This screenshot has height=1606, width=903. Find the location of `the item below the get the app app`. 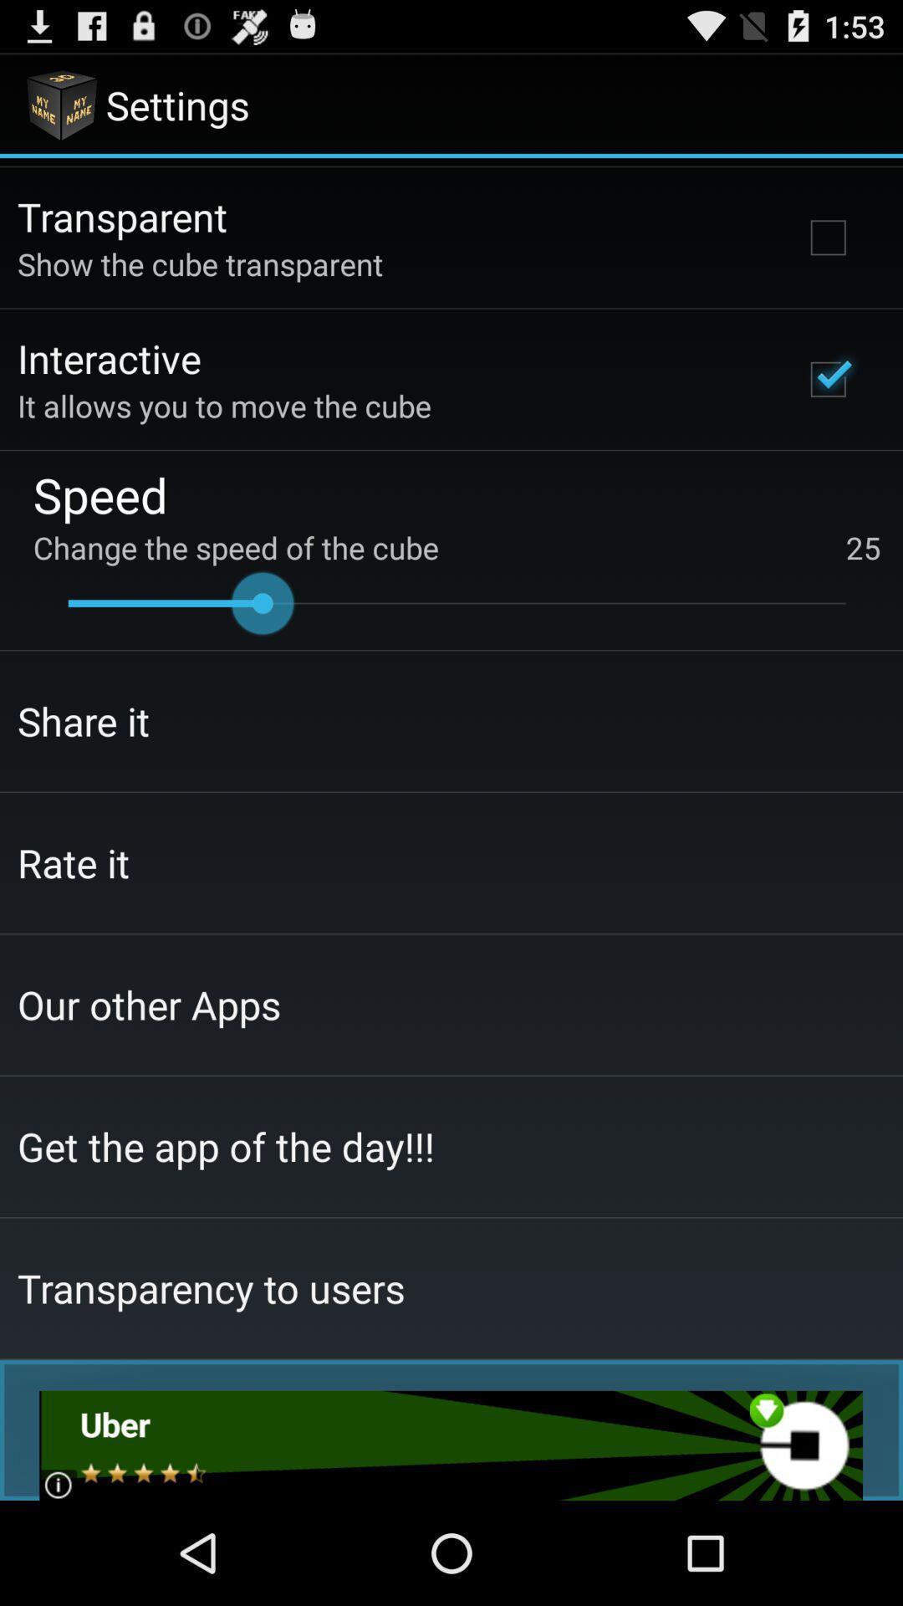

the item below the get the app app is located at coordinates (210, 1287).